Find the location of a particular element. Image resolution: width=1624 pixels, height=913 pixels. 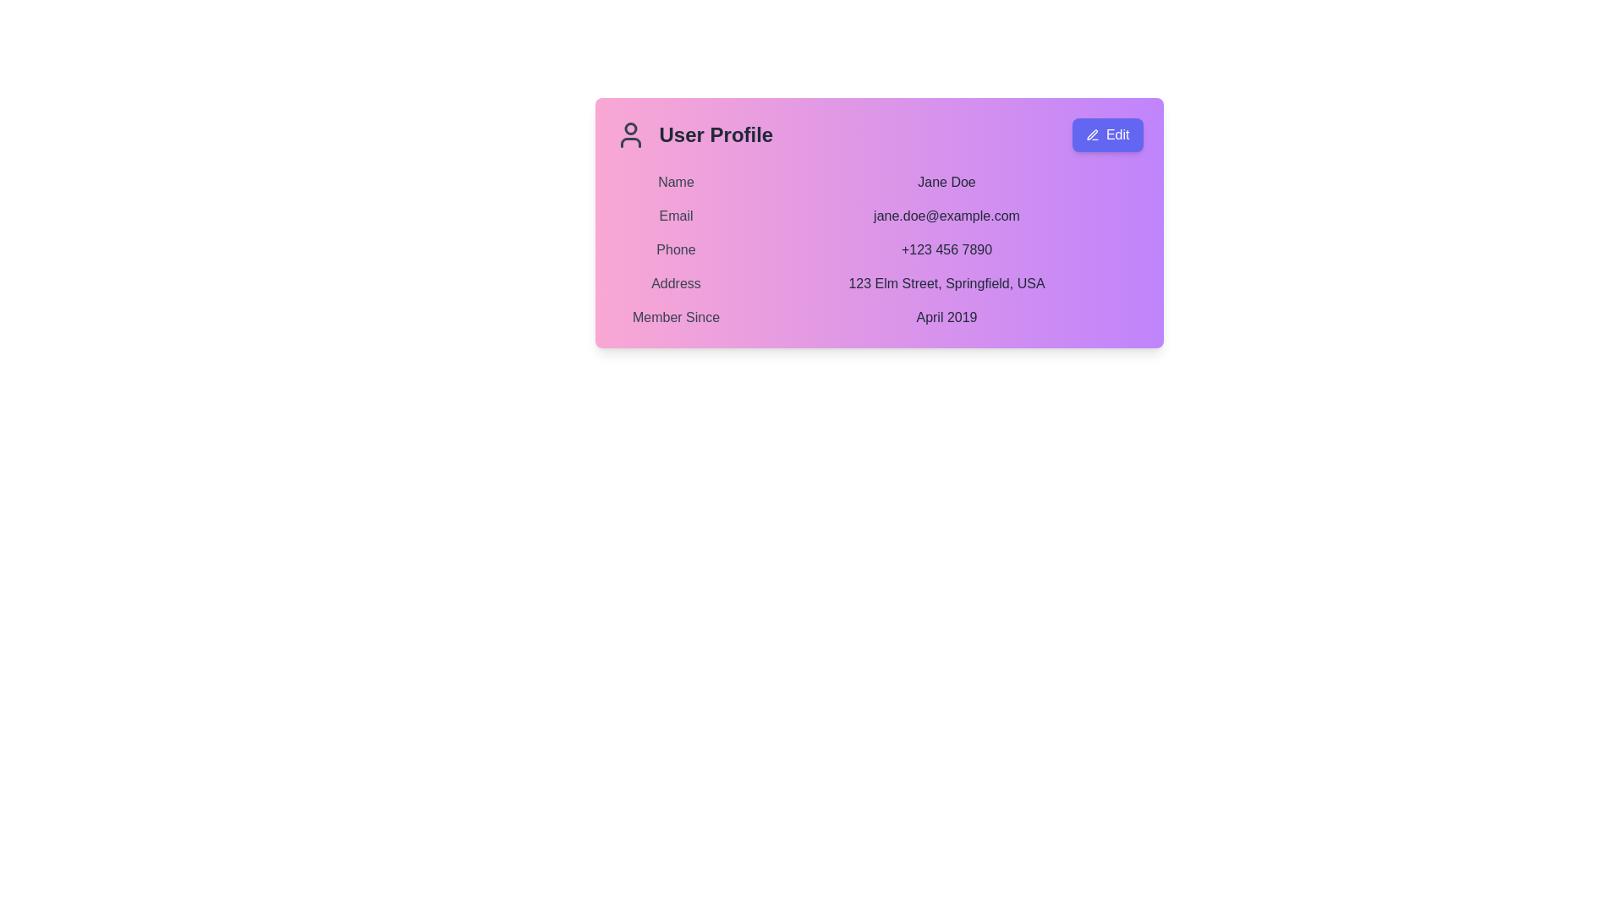

the static text display showing the user's email address, located in the second column to the right of the 'Email' label is located at coordinates (946, 215).